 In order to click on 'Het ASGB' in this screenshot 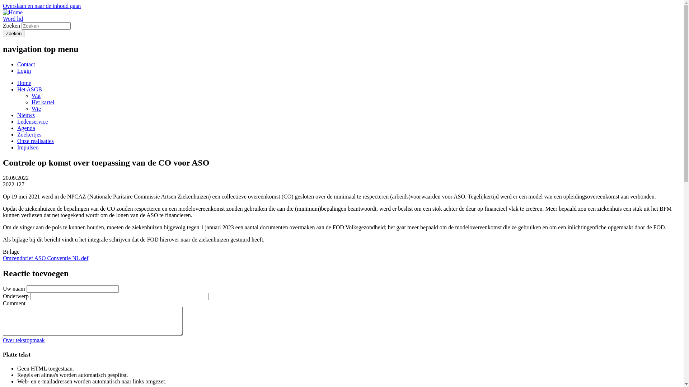, I will do `click(17, 89)`.